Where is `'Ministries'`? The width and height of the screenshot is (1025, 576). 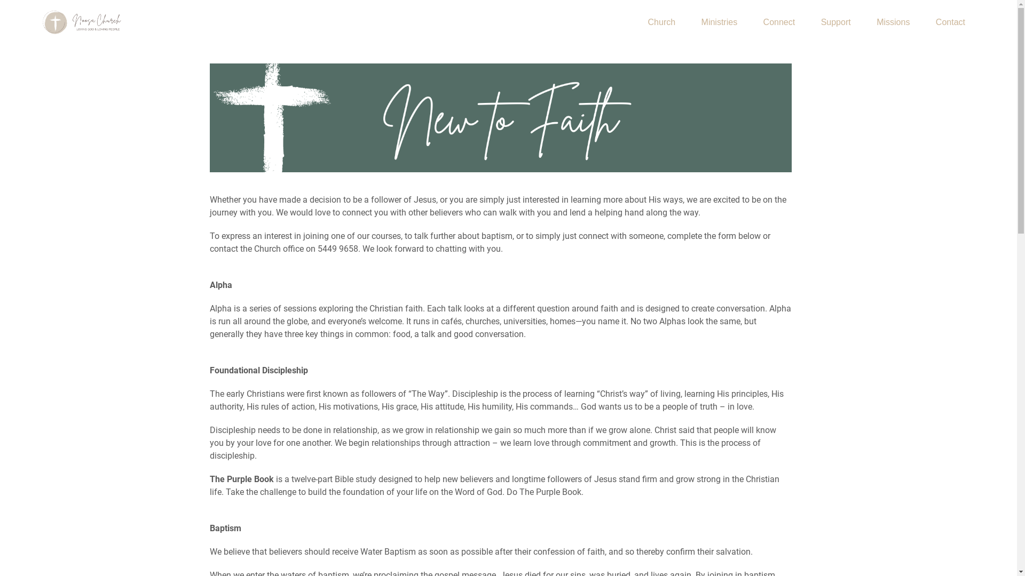 'Ministries' is located at coordinates (720, 22).